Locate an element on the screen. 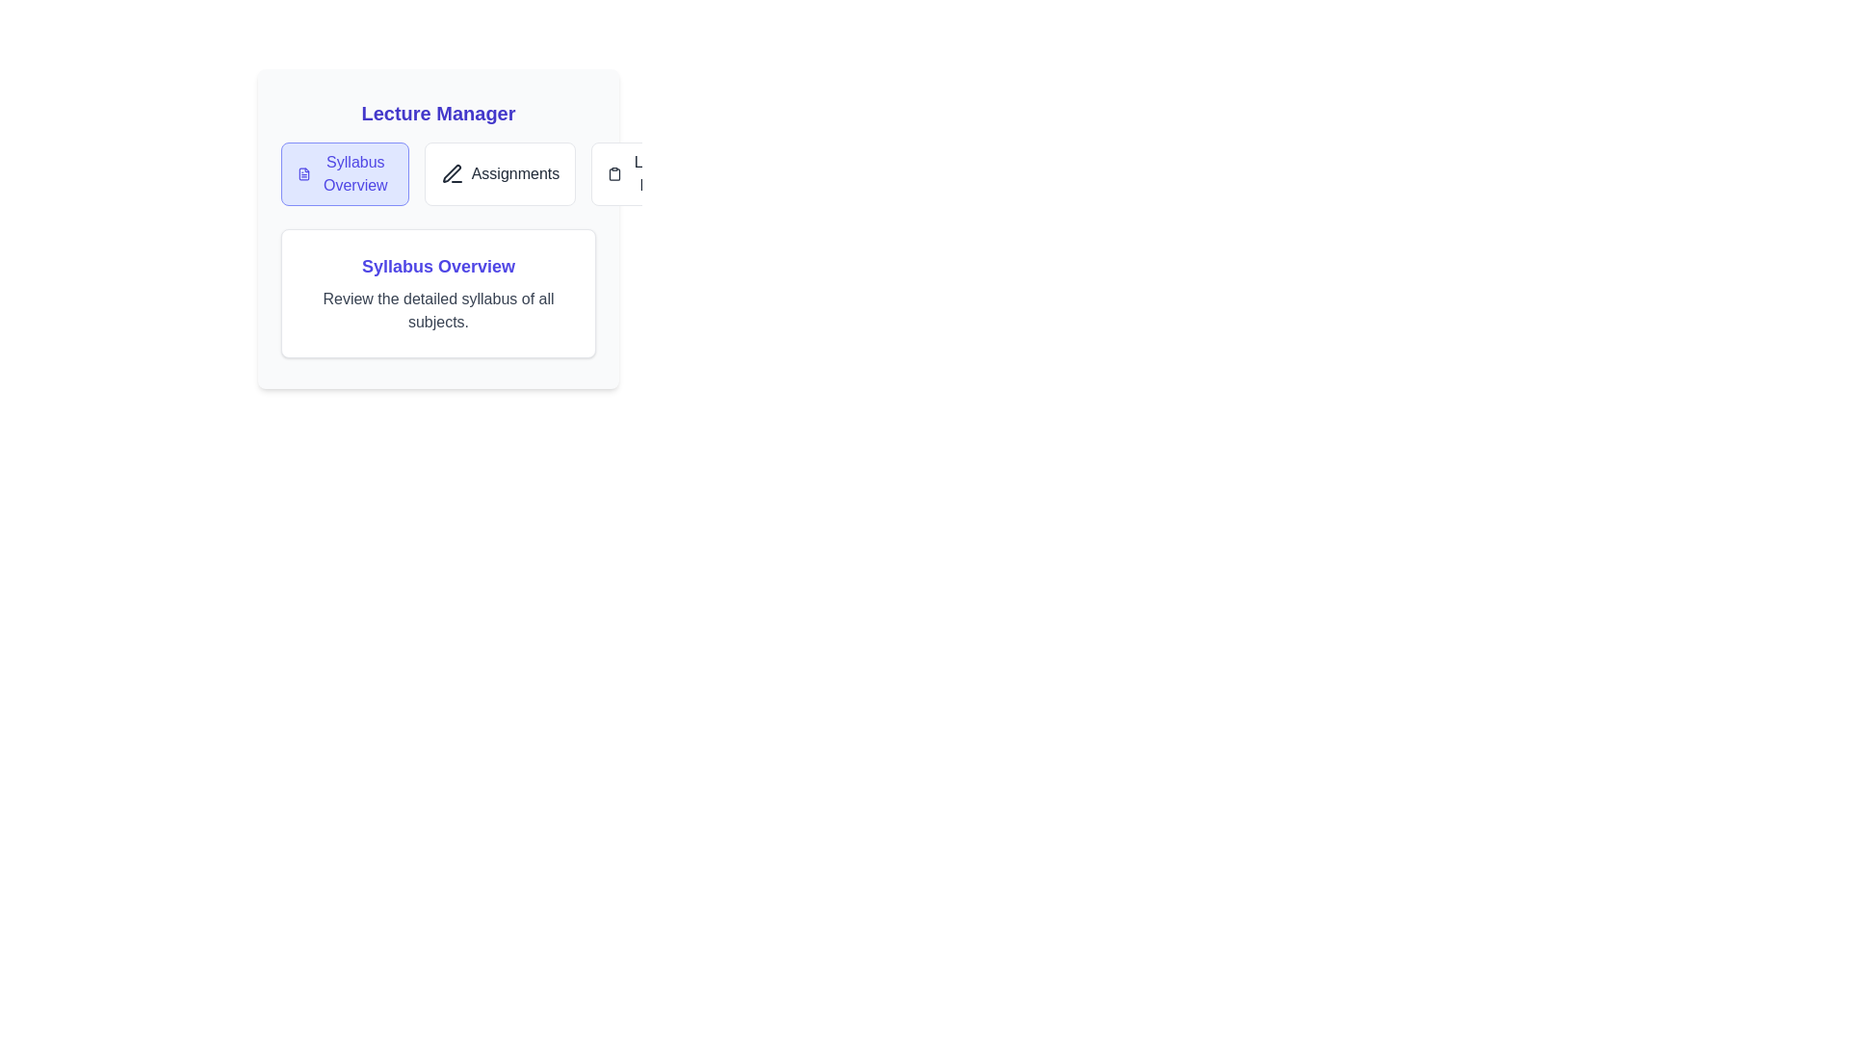 The image size is (1849, 1040). the clipboard icon located on the right-hand side of the box containing 'Syllabus Overview' and 'Assignments' is located at coordinates (613, 174).